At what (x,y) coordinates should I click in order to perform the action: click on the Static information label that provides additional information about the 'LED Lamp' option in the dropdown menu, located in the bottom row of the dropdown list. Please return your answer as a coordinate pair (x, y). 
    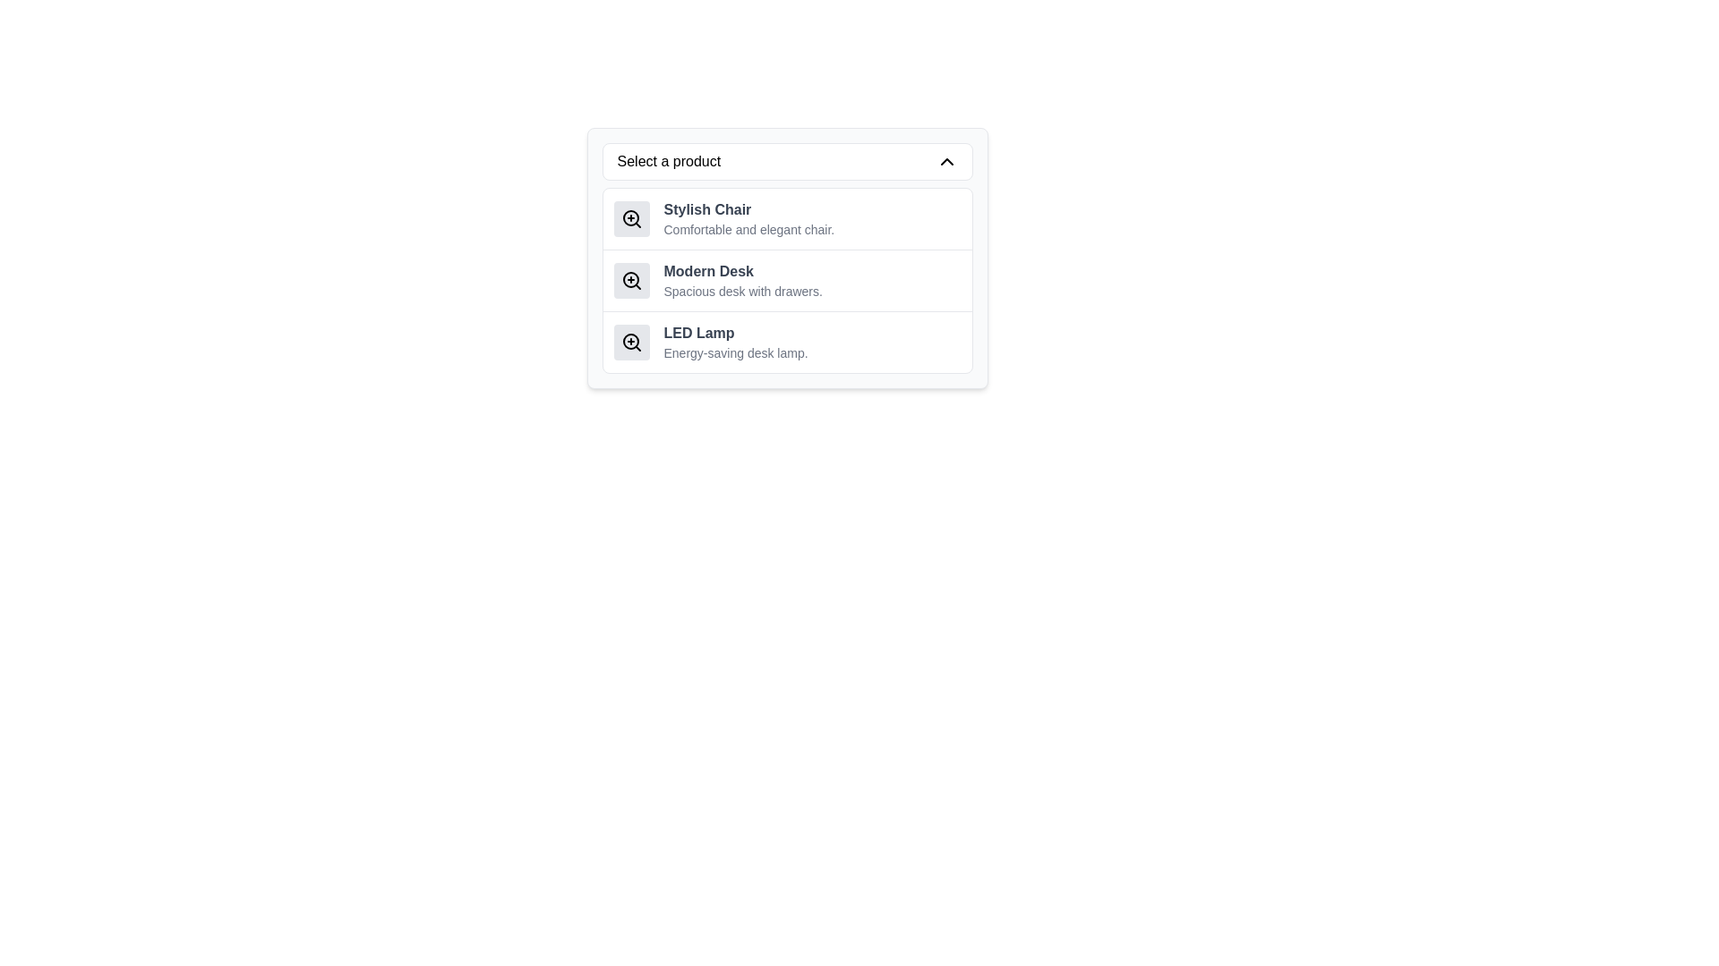
    Looking at the image, I should click on (735, 352).